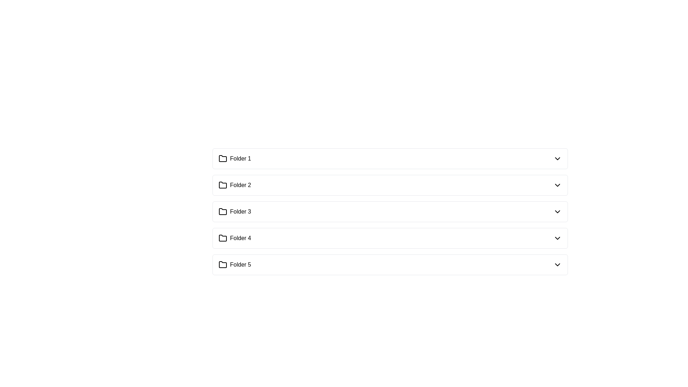  What do you see at coordinates (390, 185) in the screenshot?
I see `the list item for 'Folder 2'` at bounding box center [390, 185].